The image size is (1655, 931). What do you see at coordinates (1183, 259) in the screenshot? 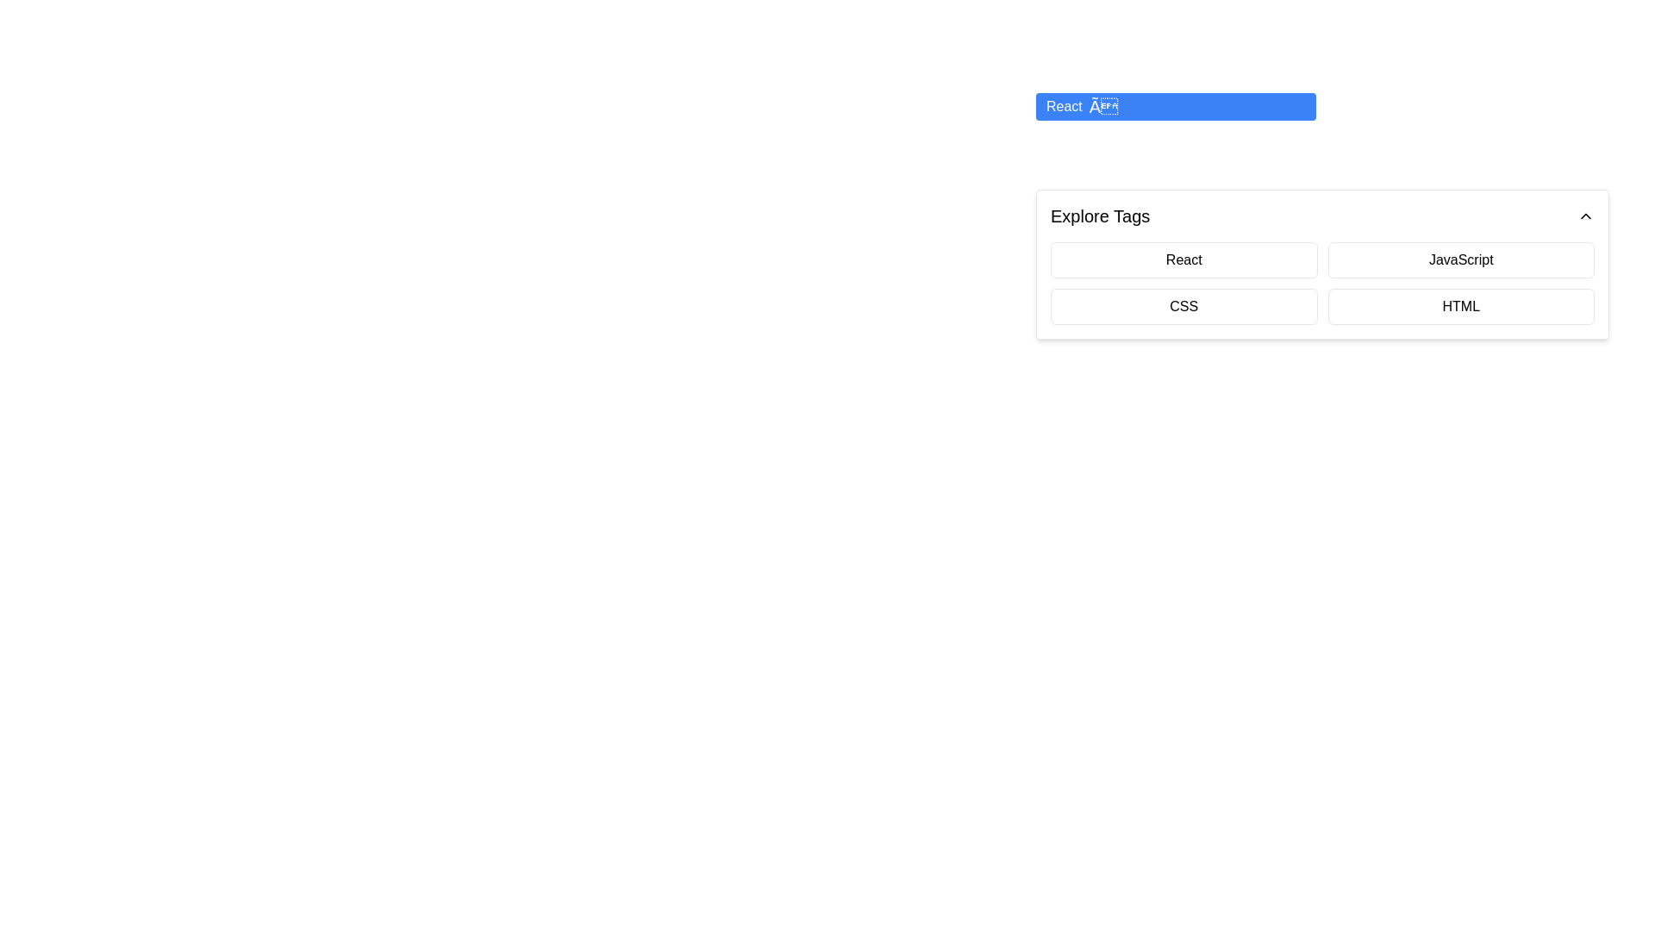
I see `the 'React' button located in the top-left corner of the grid layout under the 'Explore Tags' section` at bounding box center [1183, 259].